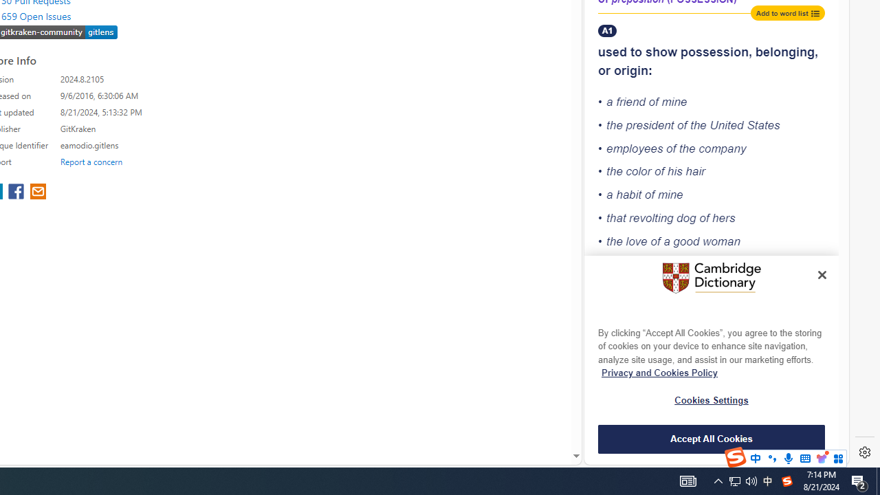  What do you see at coordinates (631, 70) in the screenshot?
I see `'origin'` at bounding box center [631, 70].